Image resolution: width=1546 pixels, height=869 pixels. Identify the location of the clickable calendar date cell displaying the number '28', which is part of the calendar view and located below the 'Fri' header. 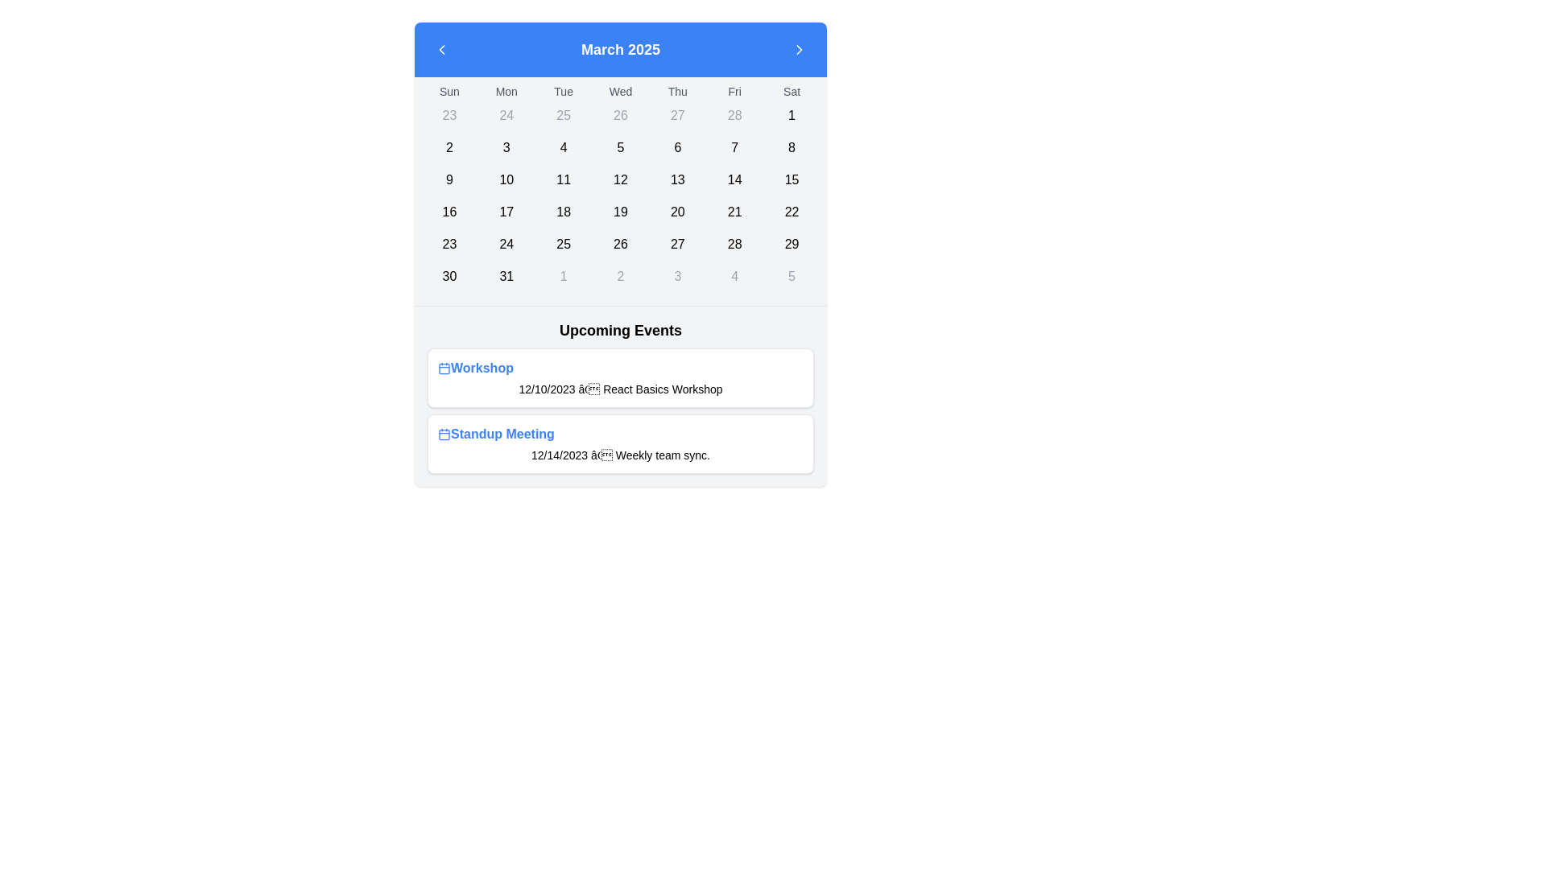
(734, 245).